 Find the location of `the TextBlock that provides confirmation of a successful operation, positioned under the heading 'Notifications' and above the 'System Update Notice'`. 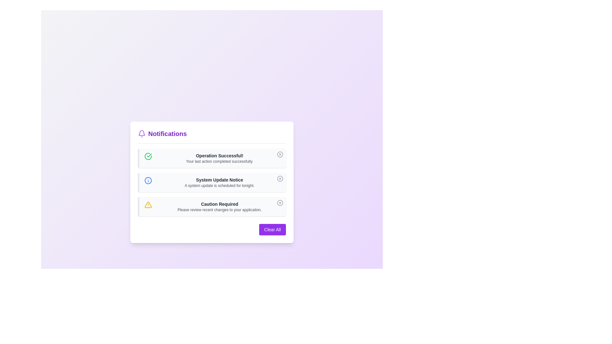

the TextBlock that provides confirmation of a successful operation, positioned under the heading 'Notifications' and above the 'System Update Notice' is located at coordinates (220, 158).